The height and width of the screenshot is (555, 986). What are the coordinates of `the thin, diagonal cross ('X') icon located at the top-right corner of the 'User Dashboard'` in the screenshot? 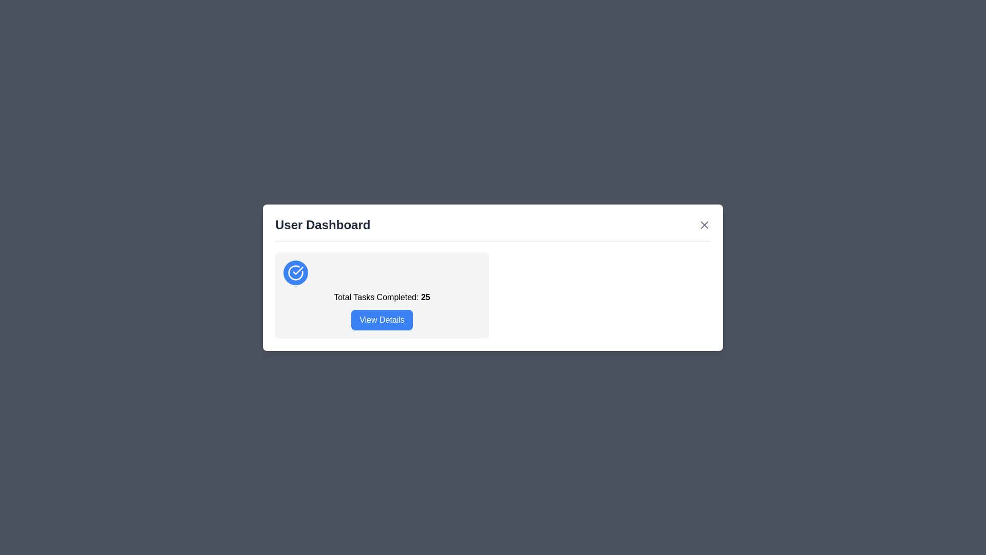 It's located at (704, 224).